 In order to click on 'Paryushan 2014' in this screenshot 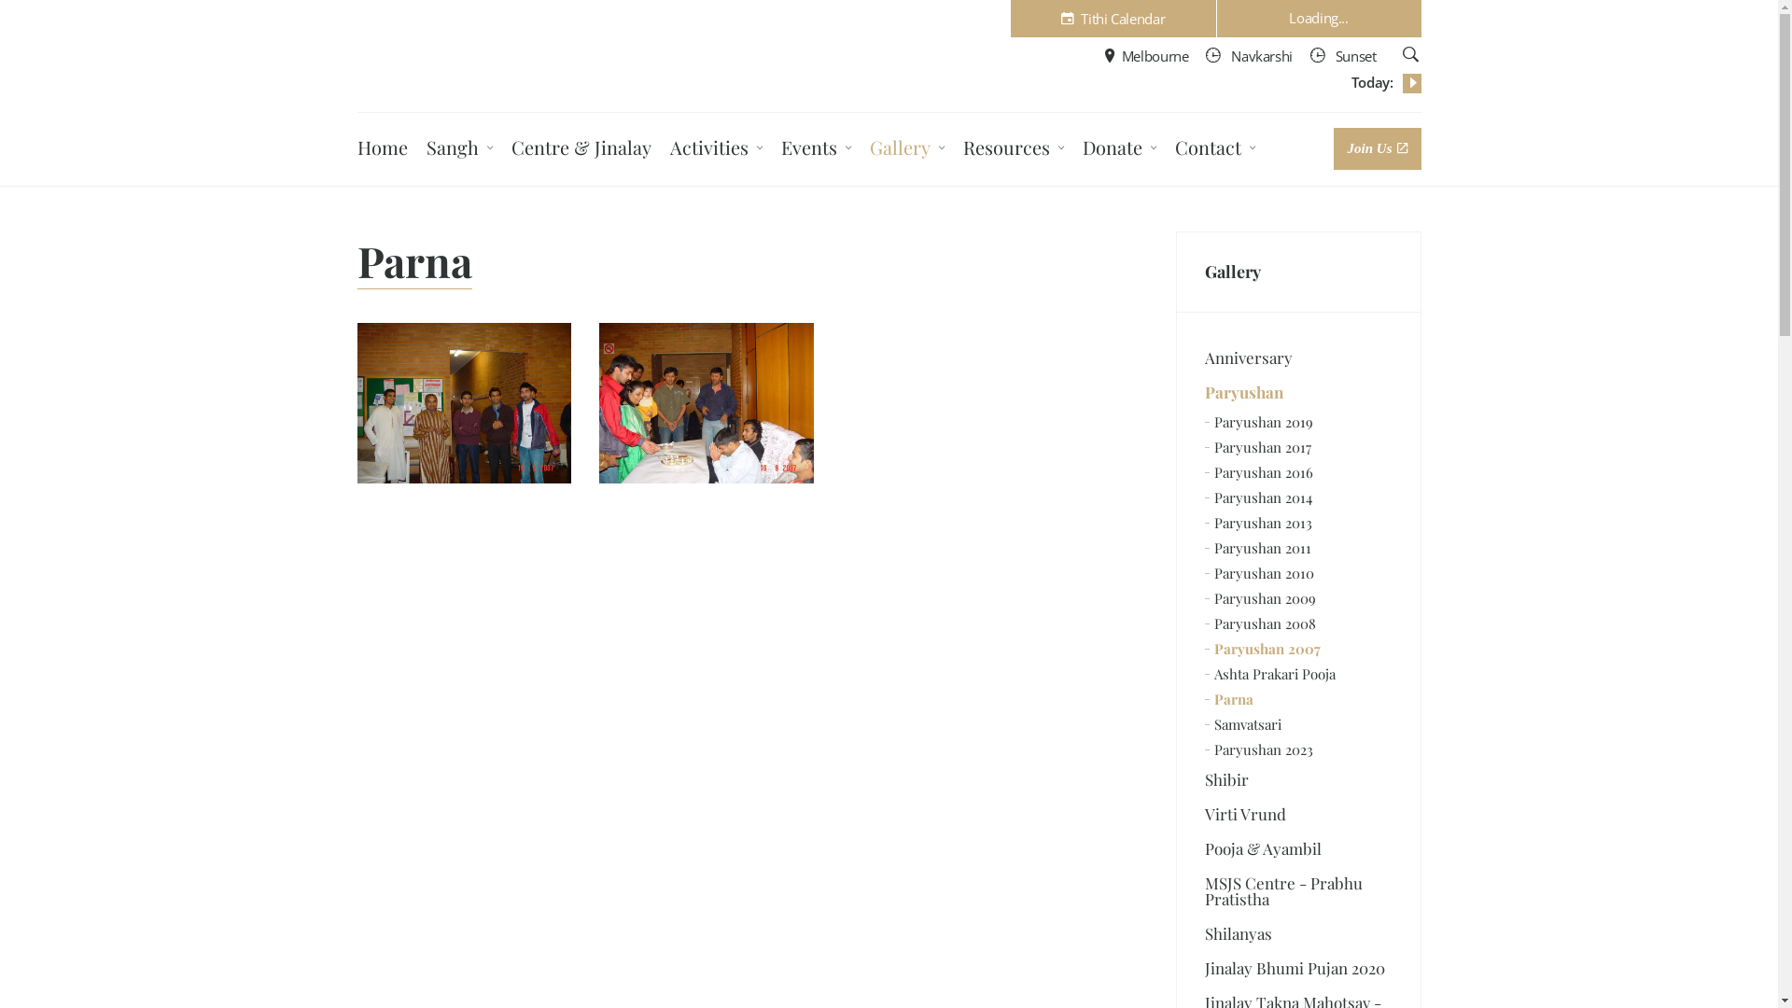, I will do `click(1297, 497)`.